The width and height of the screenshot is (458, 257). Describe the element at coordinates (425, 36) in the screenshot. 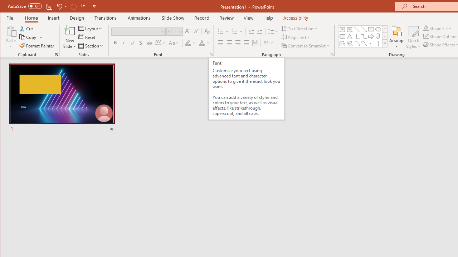

I see `'Shape Outline Blue, Accent 1'` at that location.